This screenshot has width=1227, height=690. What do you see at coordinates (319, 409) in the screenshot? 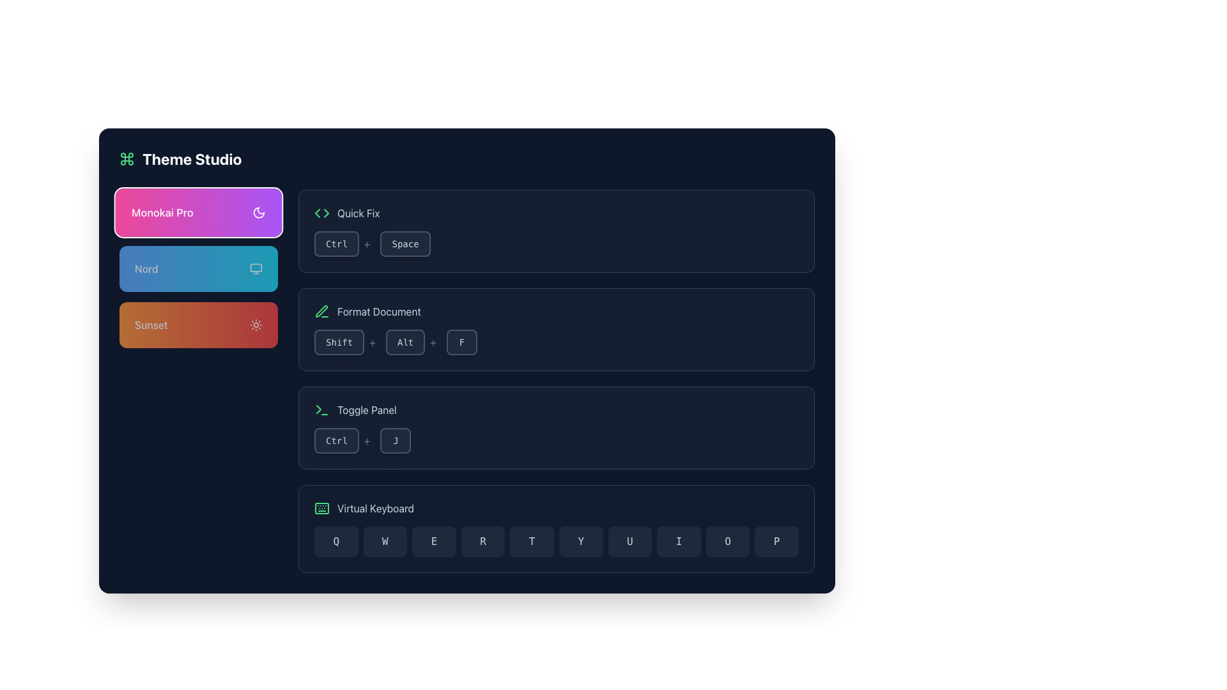
I see `the leftward pointing green chevron arrow within the terminal-themed SVG icon located on the left section of the application interface, near the 'Toggle Panel' functionality` at bounding box center [319, 409].